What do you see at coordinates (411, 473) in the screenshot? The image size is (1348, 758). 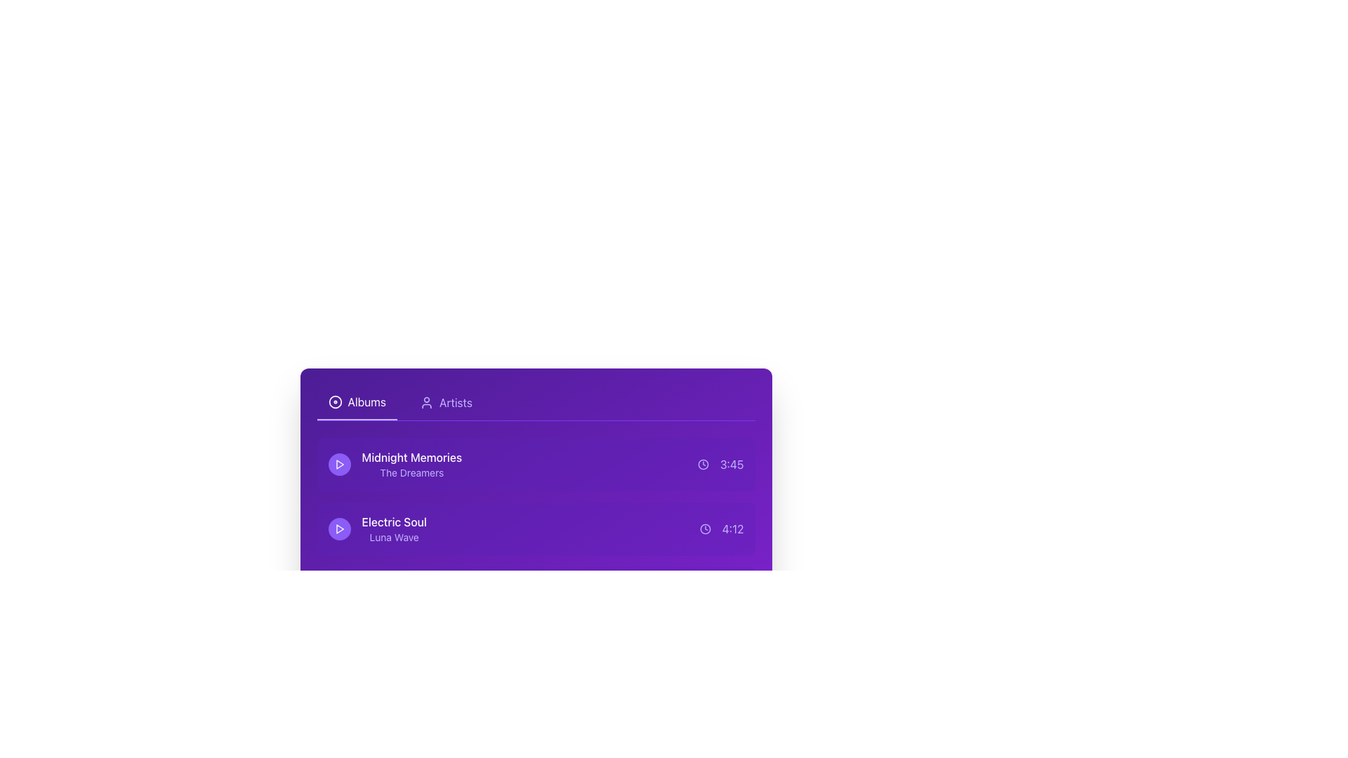 I see `the text label that displays the artist or band name located beneath the song title 'Midnight Memories' in the purple panel` at bounding box center [411, 473].